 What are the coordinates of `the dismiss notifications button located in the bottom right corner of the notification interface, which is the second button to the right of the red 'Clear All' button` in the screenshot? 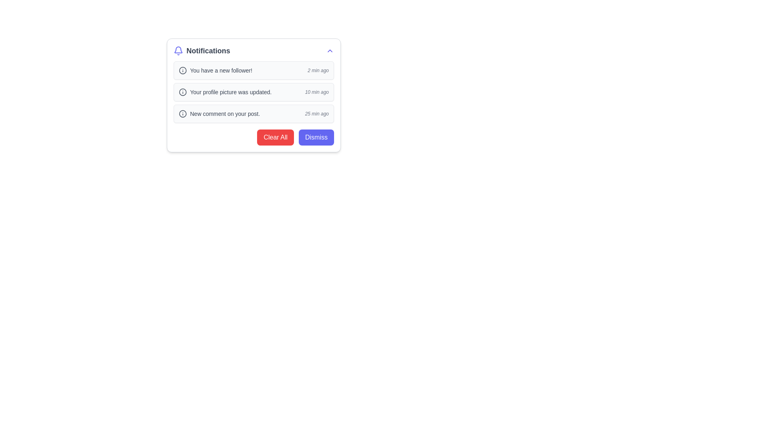 It's located at (316, 137).